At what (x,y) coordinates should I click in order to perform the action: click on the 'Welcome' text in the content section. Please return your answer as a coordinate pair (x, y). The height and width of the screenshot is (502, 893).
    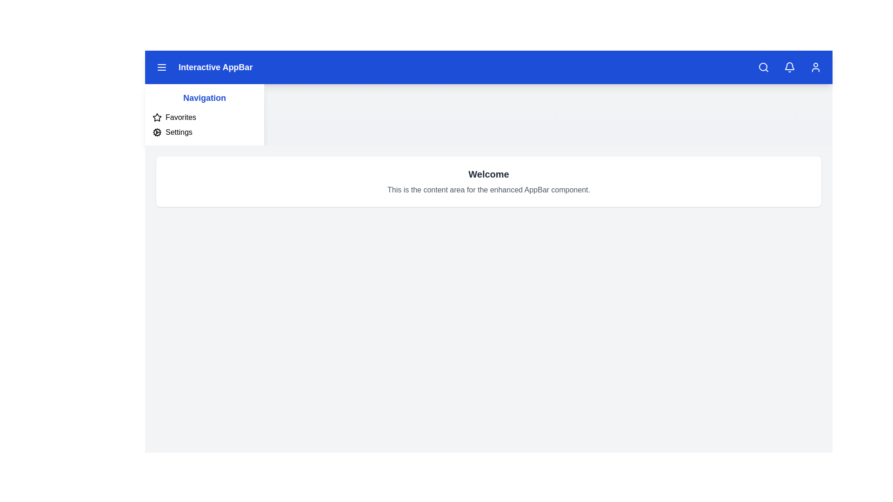
    Looking at the image, I should click on (488, 174).